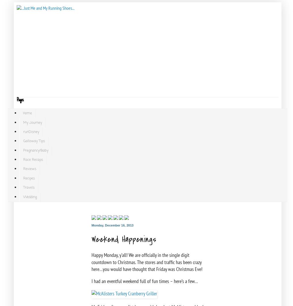  I want to click on 'Pages', so click(20, 100).